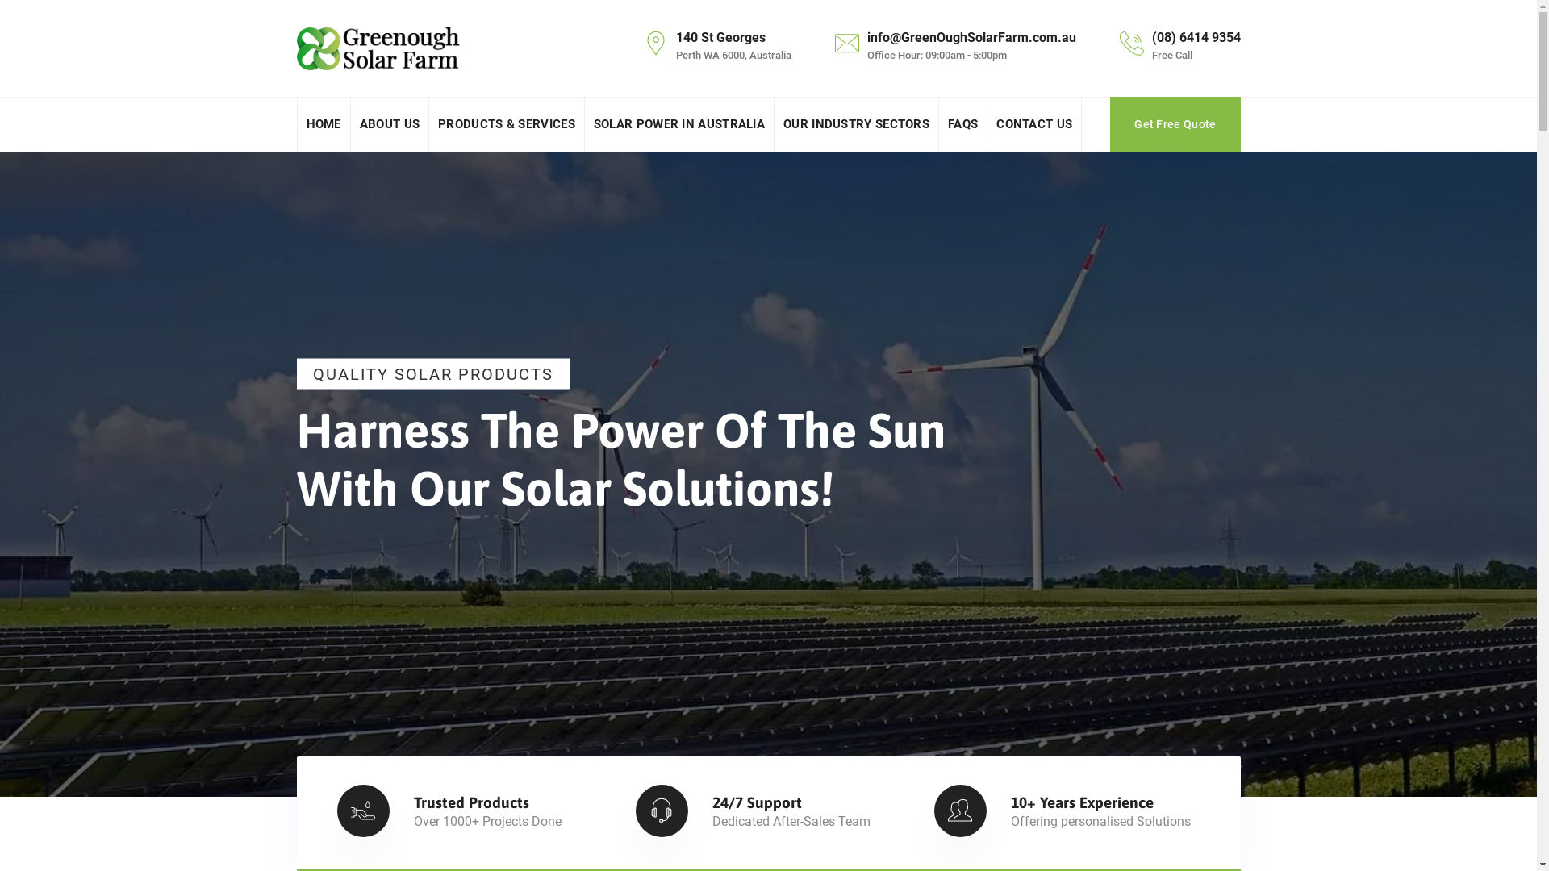 This screenshot has width=1549, height=871. I want to click on 'ABOUT US', so click(390, 123).